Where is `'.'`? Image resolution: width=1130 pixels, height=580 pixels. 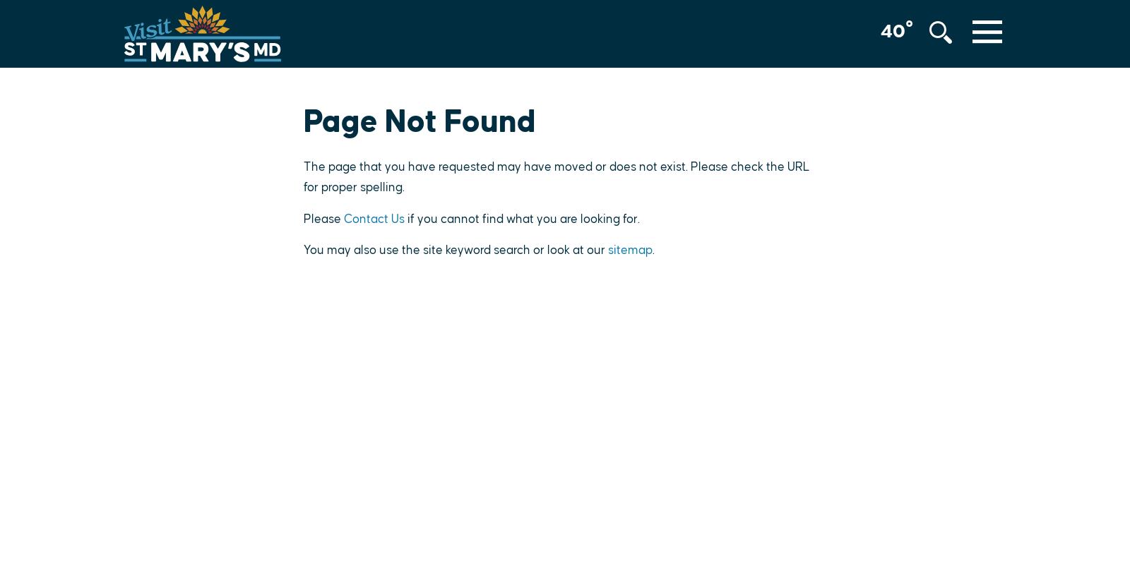
'.' is located at coordinates (653, 250).